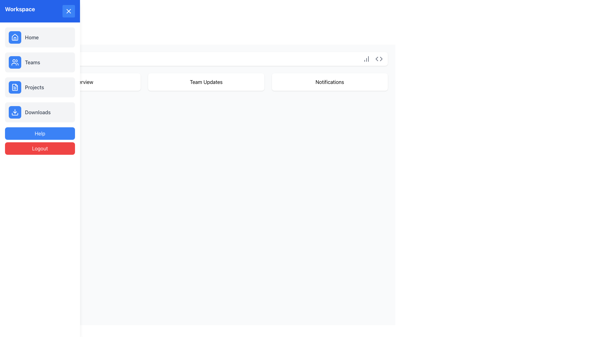 Image resolution: width=600 pixels, height=337 pixels. What do you see at coordinates (15, 112) in the screenshot?
I see `the 'Downloads' icon located in the sidebar navigation menu to trigger a tooltip or visual feedback` at bounding box center [15, 112].